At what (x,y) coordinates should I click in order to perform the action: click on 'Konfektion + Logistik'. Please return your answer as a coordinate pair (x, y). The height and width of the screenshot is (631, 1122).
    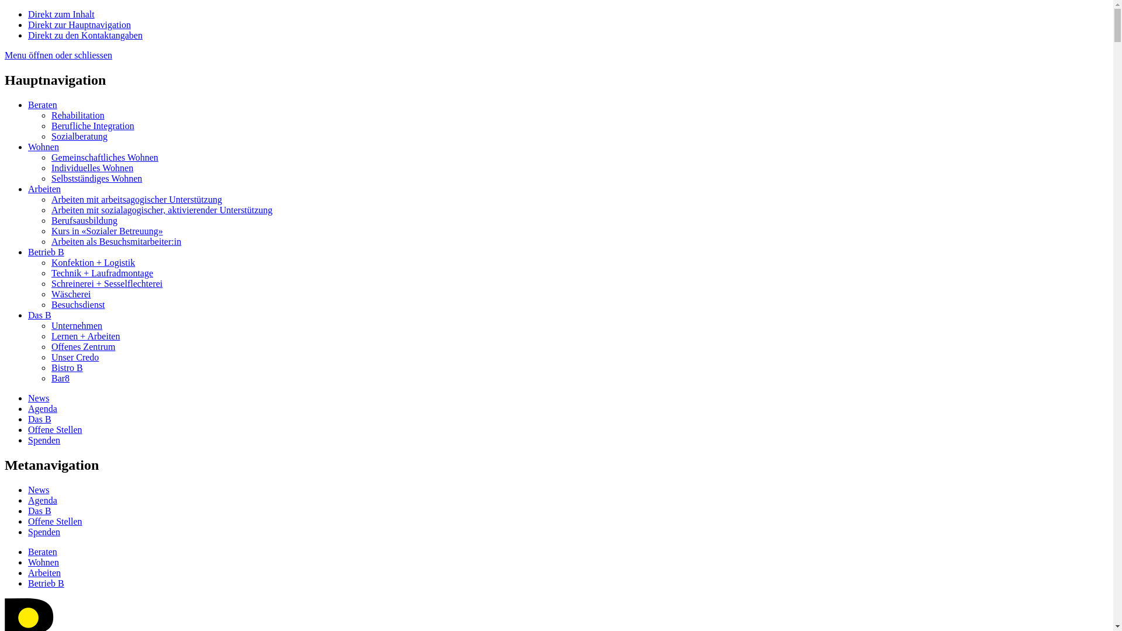
    Looking at the image, I should click on (50, 262).